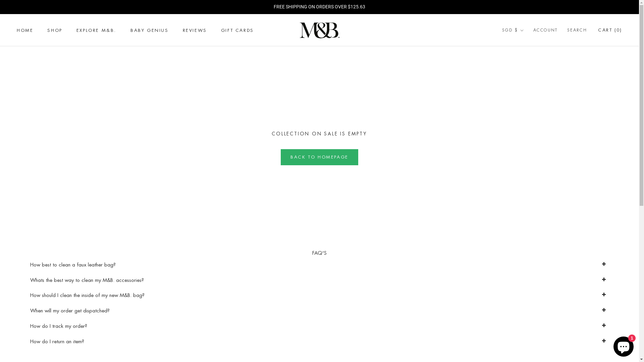 Image resolution: width=644 pixels, height=362 pixels. Describe the element at coordinates (513, 31) in the screenshot. I see `'SGD $'` at that location.